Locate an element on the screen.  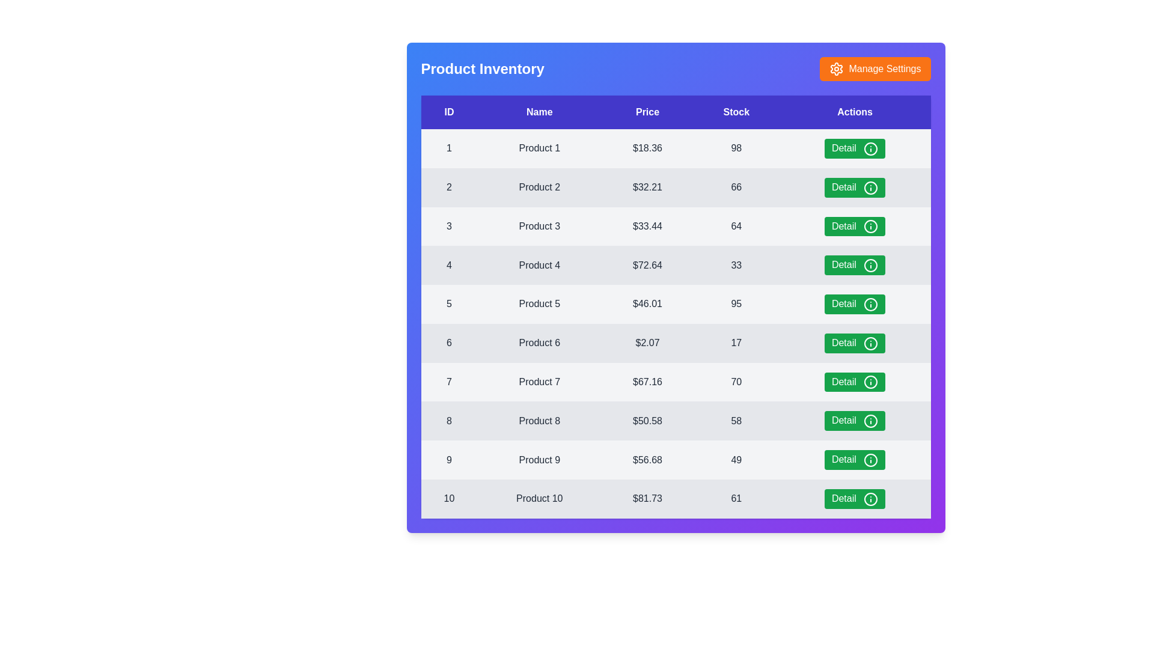
the table header Actions to sort the table by that column is located at coordinates (854, 112).